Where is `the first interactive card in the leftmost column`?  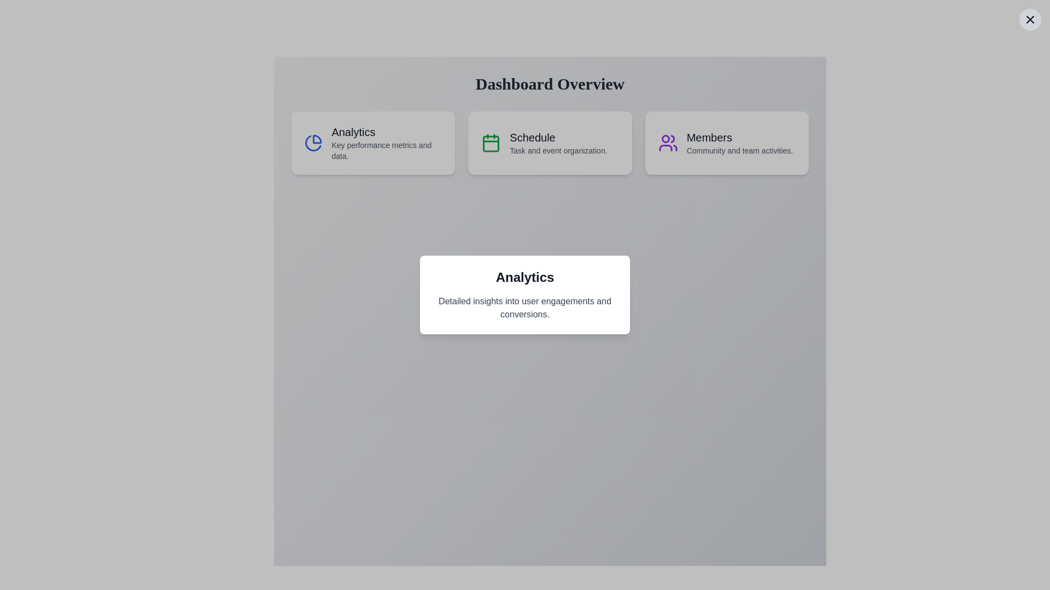
the first interactive card in the leftmost column is located at coordinates (373, 143).